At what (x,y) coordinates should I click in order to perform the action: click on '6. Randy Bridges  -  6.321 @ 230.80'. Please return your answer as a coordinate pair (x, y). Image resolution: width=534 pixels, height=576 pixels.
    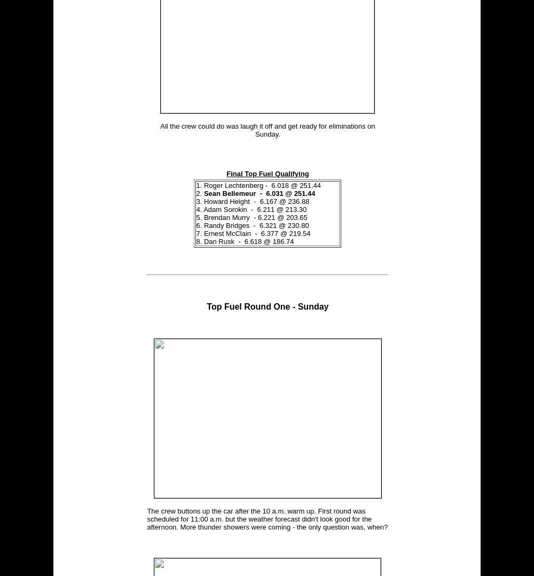
    Looking at the image, I should click on (252, 225).